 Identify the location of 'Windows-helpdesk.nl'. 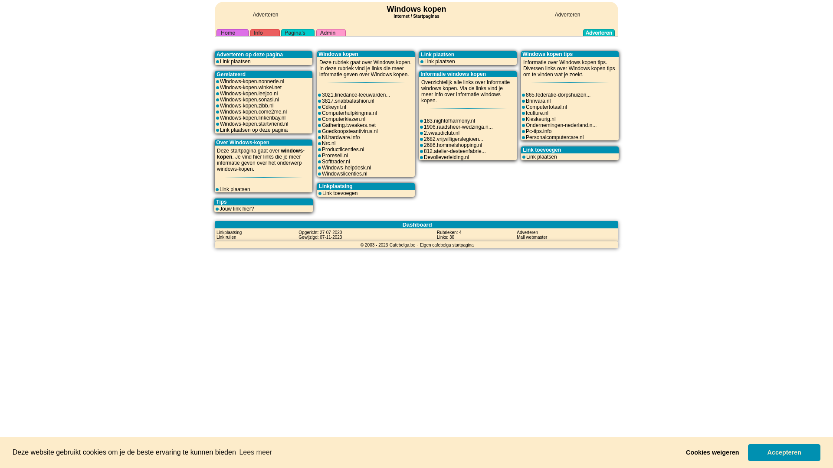
(346, 167).